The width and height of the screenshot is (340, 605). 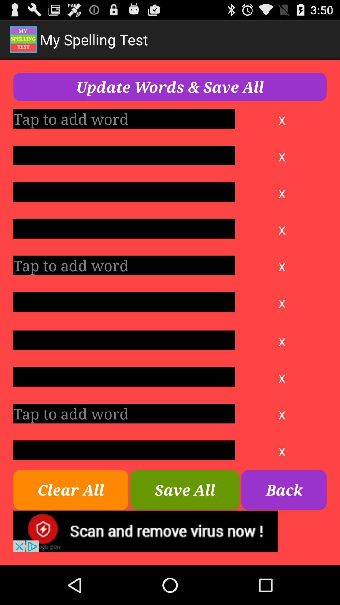 What do you see at coordinates (124, 155) in the screenshot?
I see `text` at bounding box center [124, 155].